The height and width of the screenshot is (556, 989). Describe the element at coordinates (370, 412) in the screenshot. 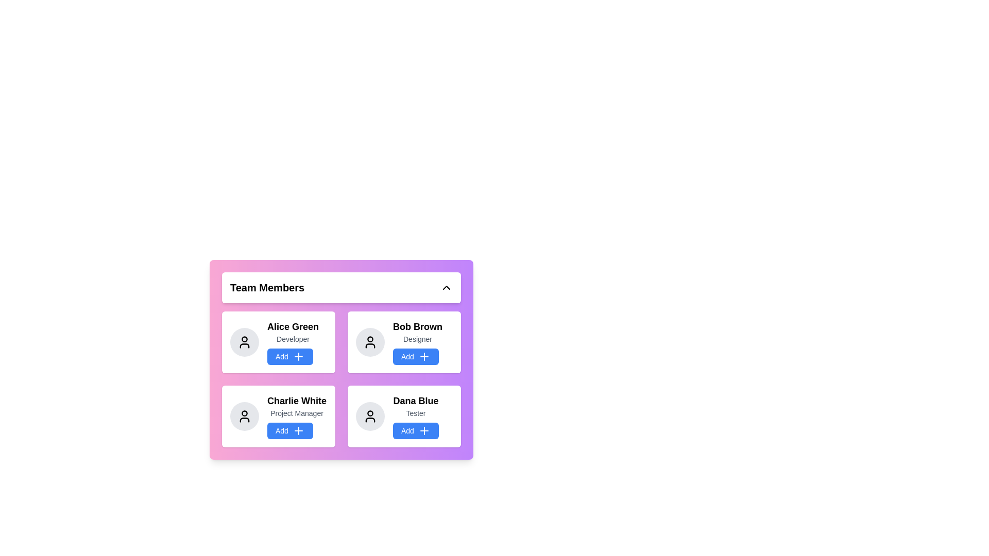

I see `the circular graphical element located in the profile icon of Dana Blue's team member card, positioned above the 'Add' button` at that location.